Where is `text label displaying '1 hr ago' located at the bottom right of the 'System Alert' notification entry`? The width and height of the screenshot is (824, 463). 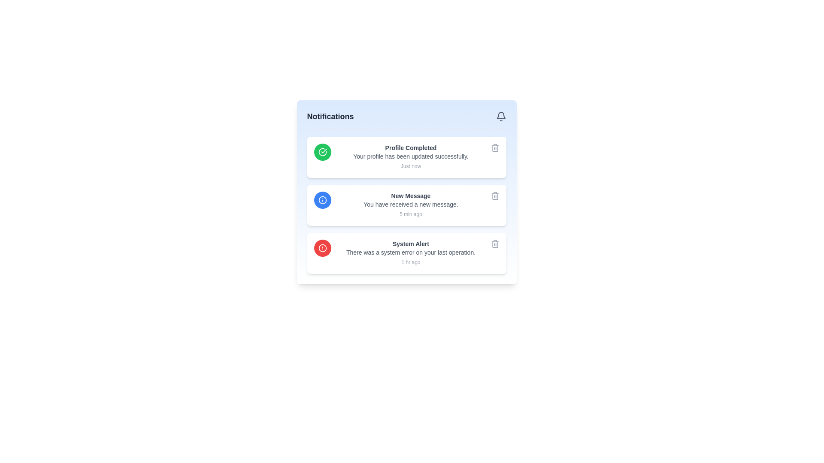 text label displaying '1 hr ago' located at the bottom right of the 'System Alert' notification entry is located at coordinates (410, 262).